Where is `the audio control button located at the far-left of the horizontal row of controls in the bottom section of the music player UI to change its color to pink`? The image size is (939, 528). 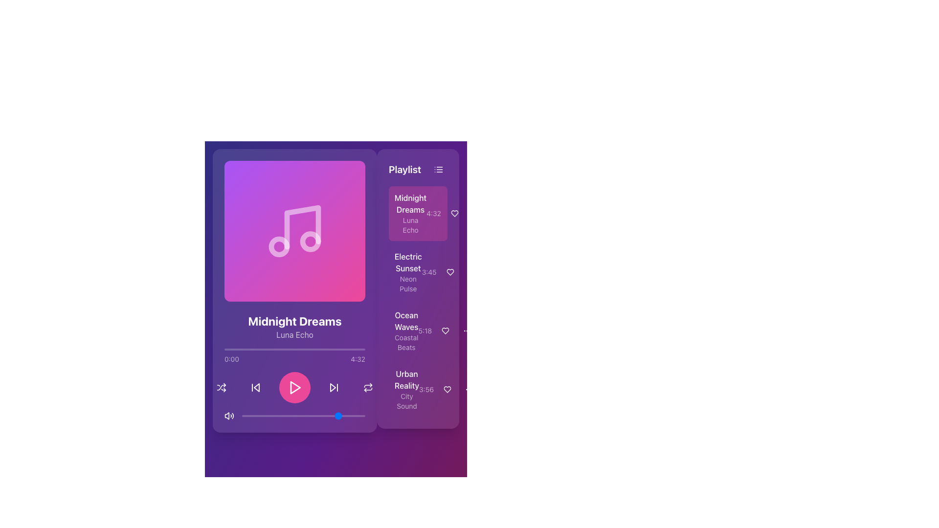 the audio control button located at the far-left of the horizontal row of controls in the bottom section of the music player UI to change its color to pink is located at coordinates (229, 416).